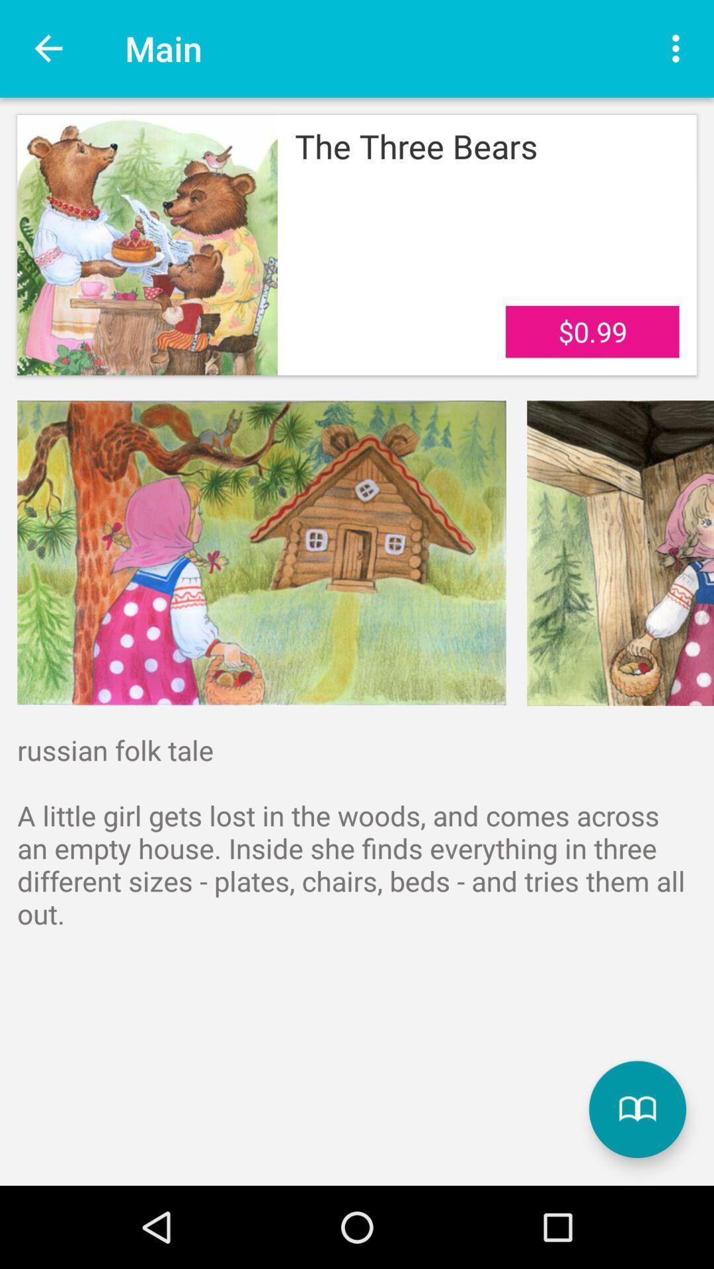 This screenshot has height=1269, width=714. Describe the element at coordinates (637, 1109) in the screenshot. I see `the book icon` at that location.